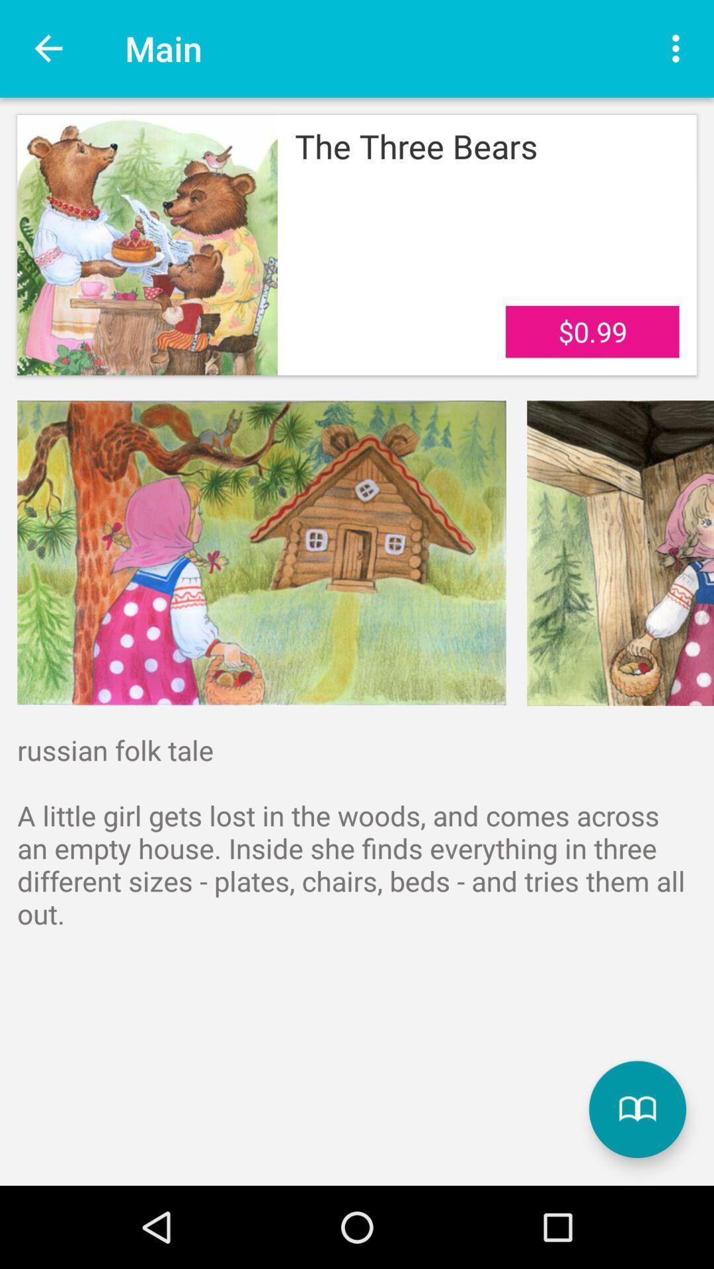 This screenshot has height=1269, width=714. Describe the element at coordinates (637, 1109) in the screenshot. I see `the book icon` at that location.